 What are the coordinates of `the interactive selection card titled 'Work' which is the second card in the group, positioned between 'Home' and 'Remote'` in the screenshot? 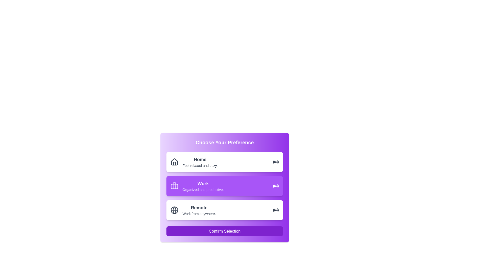 It's located at (224, 186).